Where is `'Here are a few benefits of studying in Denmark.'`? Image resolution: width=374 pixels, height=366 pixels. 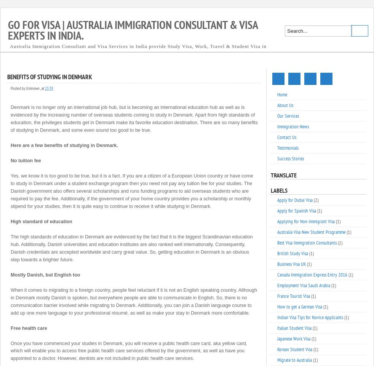
'Here are a few benefits of studying in Denmark.' is located at coordinates (64, 145).